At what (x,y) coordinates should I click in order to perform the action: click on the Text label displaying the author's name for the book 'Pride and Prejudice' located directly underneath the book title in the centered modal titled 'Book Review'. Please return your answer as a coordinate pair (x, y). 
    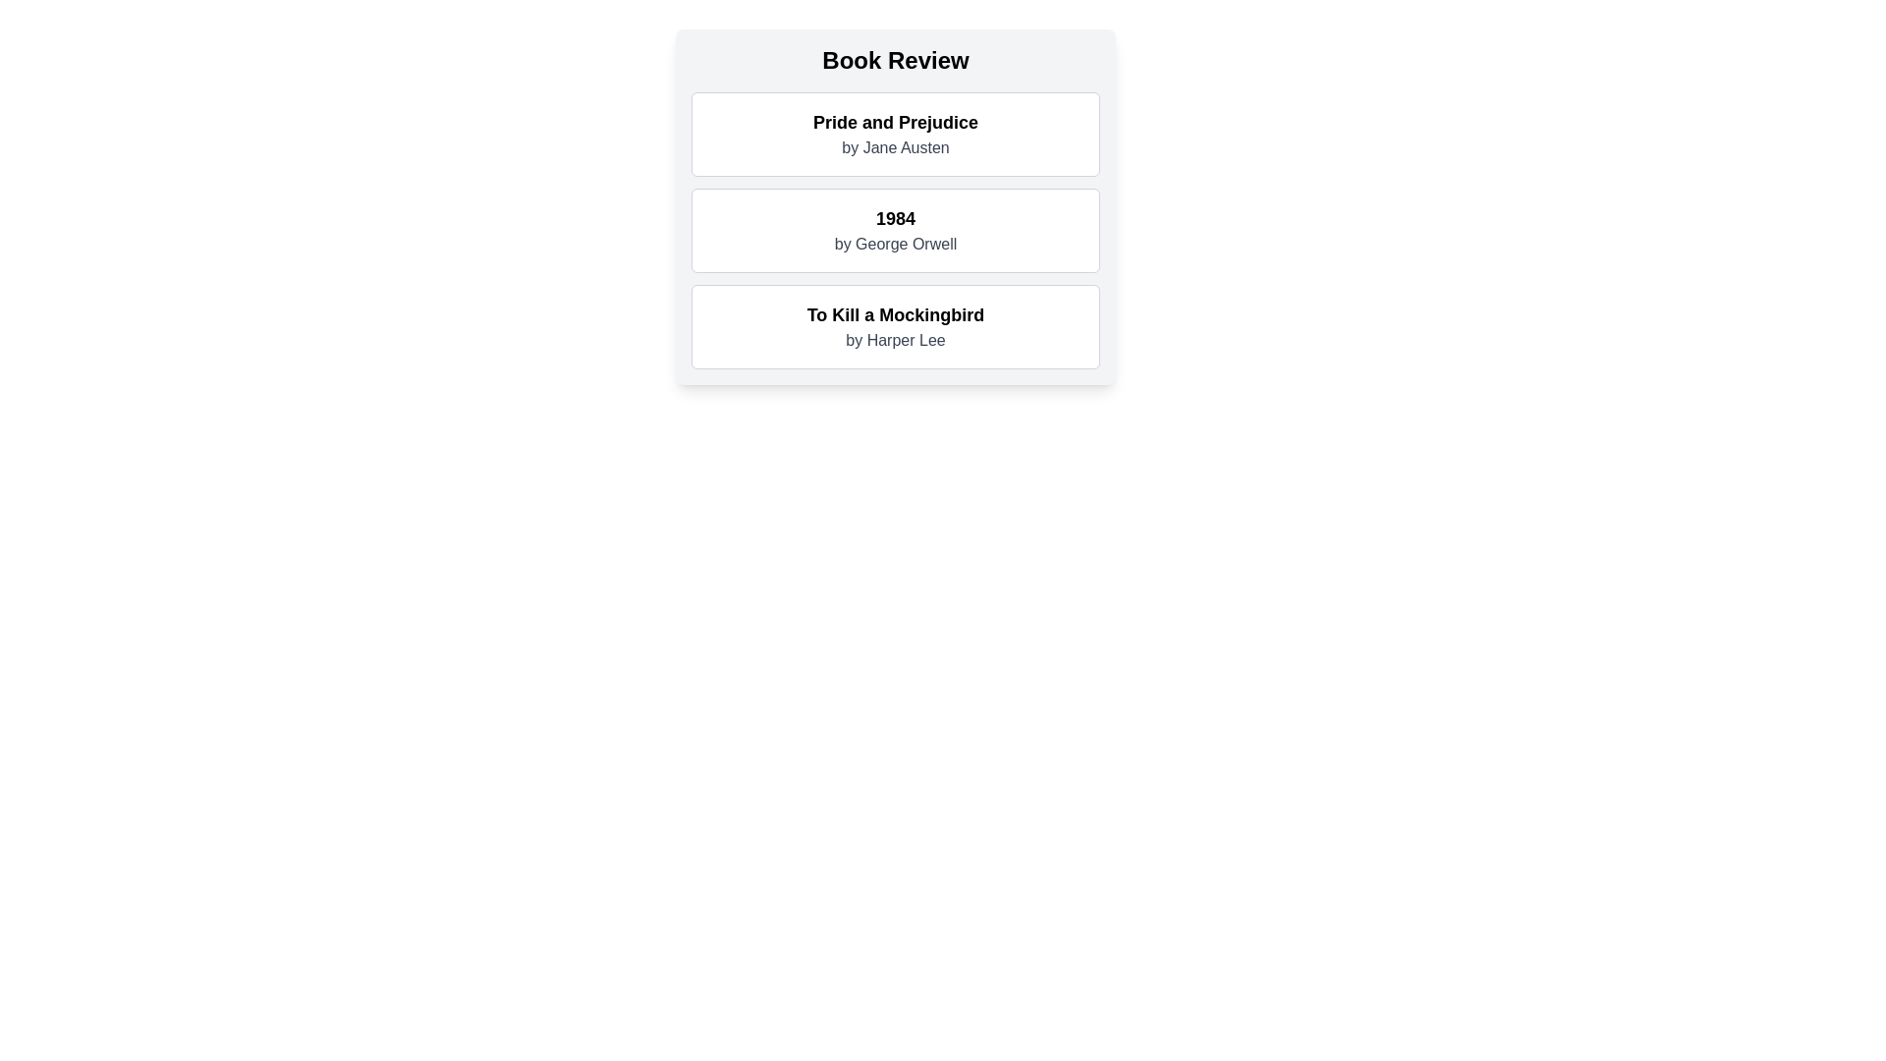
    Looking at the image, I should click on (895, 146).